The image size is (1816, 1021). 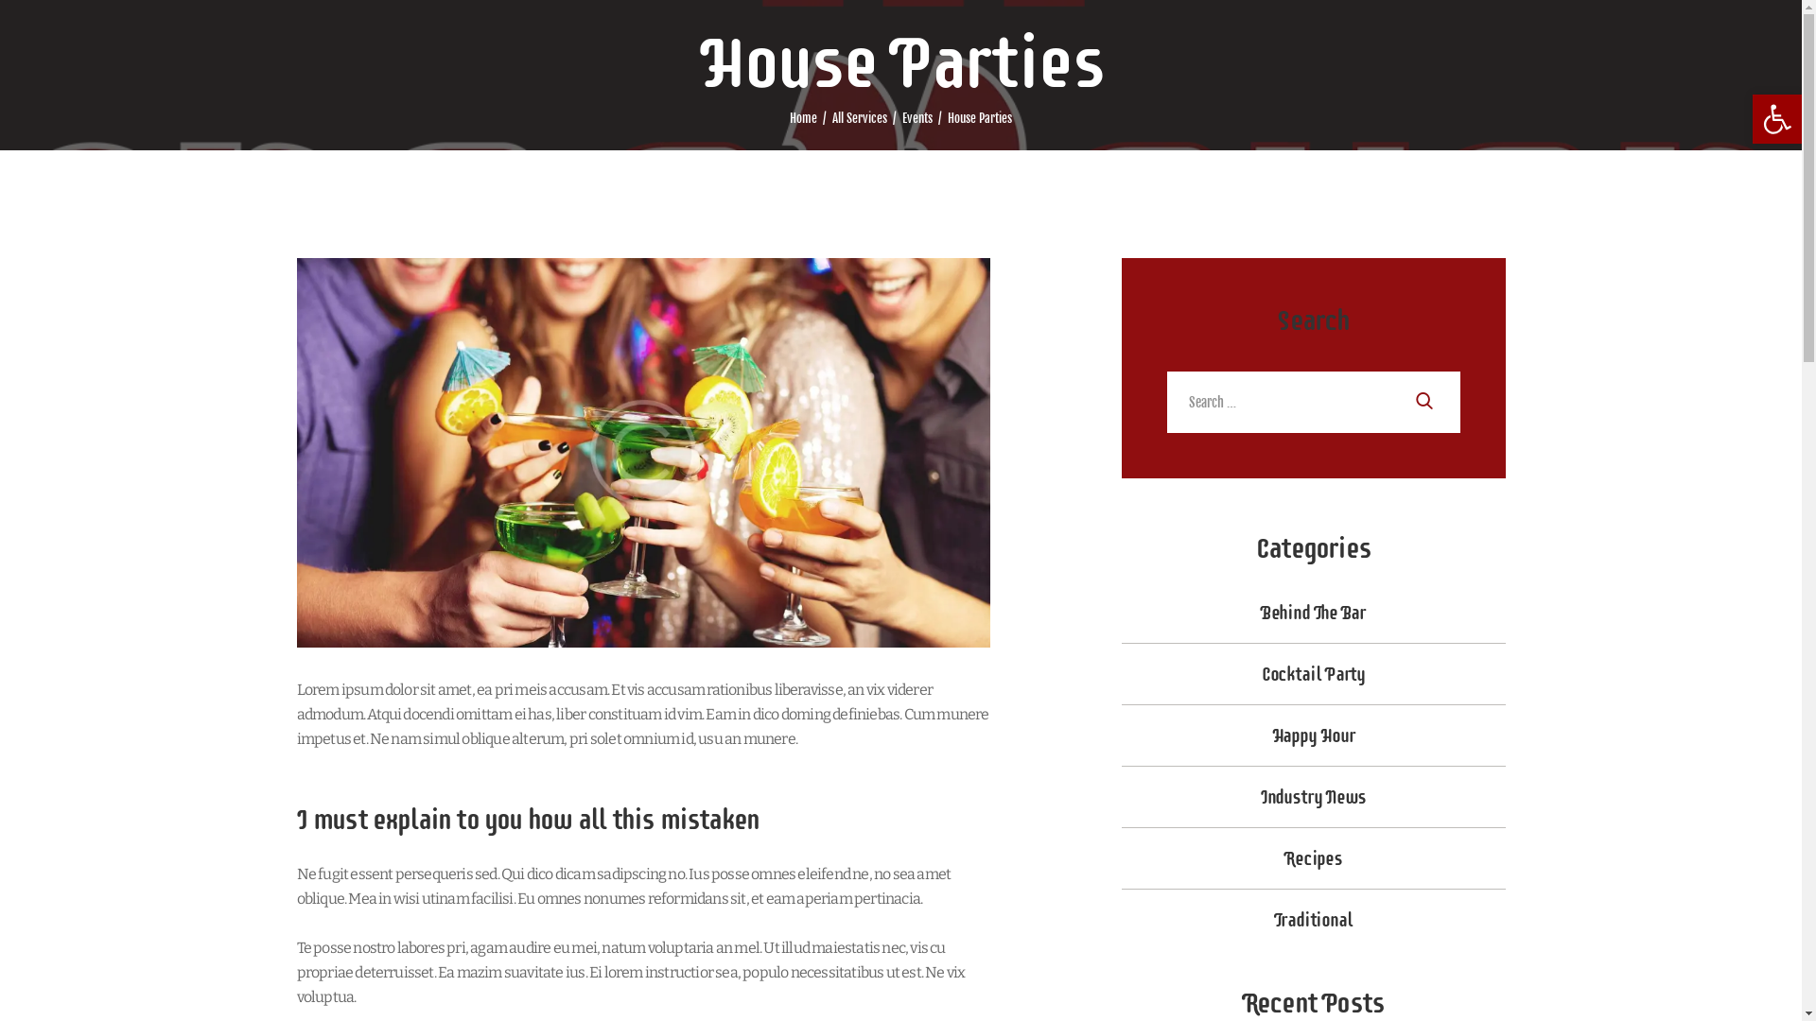 I want to click on 'Recipes', so click(x=1312, y=857).